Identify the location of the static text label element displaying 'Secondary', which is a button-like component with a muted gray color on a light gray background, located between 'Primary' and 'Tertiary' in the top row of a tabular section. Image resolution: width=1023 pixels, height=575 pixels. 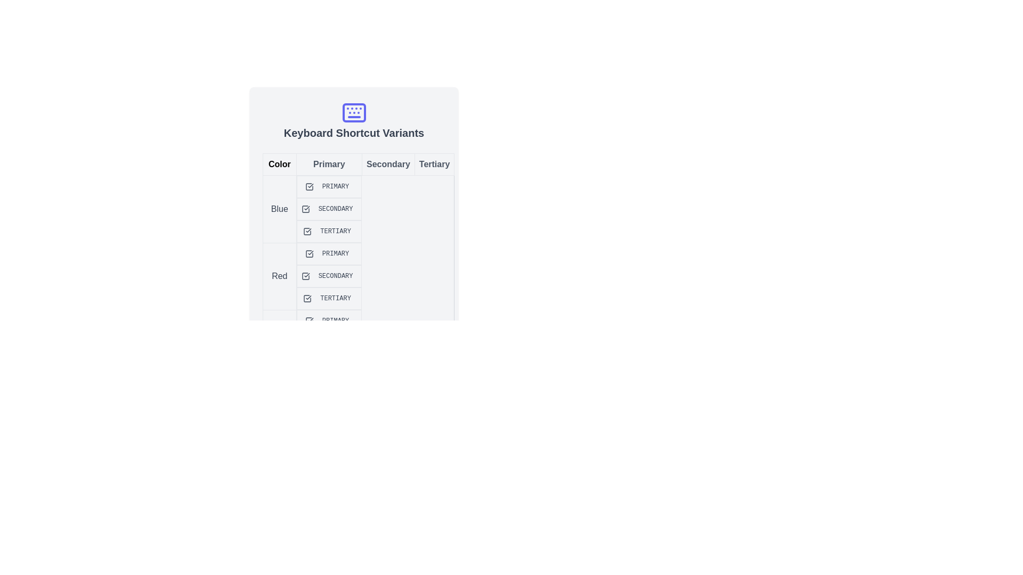
(387, 164).